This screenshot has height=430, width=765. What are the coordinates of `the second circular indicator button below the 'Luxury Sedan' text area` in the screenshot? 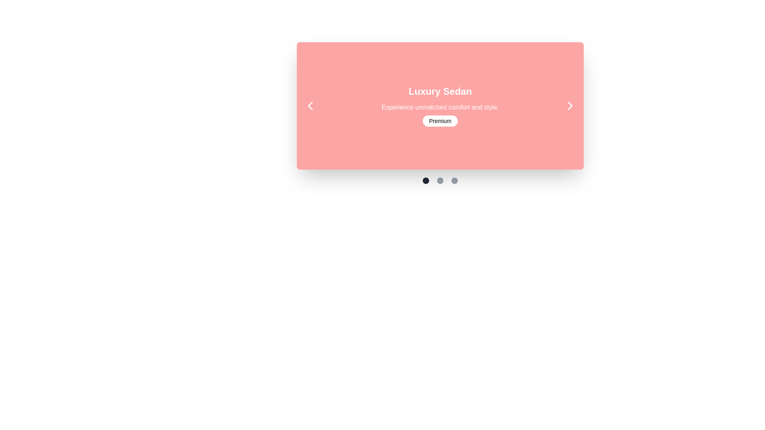 It's located at (439, 181).